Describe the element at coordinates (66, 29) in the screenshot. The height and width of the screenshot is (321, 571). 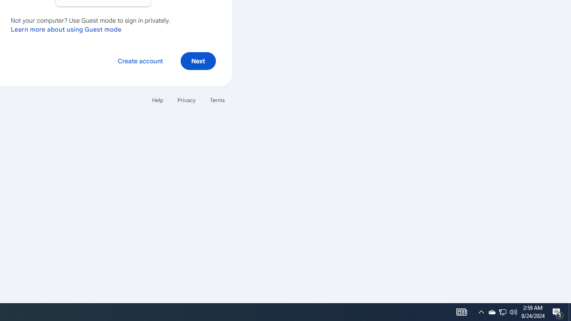
I see `'Learn more about using Guest mode'` at that location.